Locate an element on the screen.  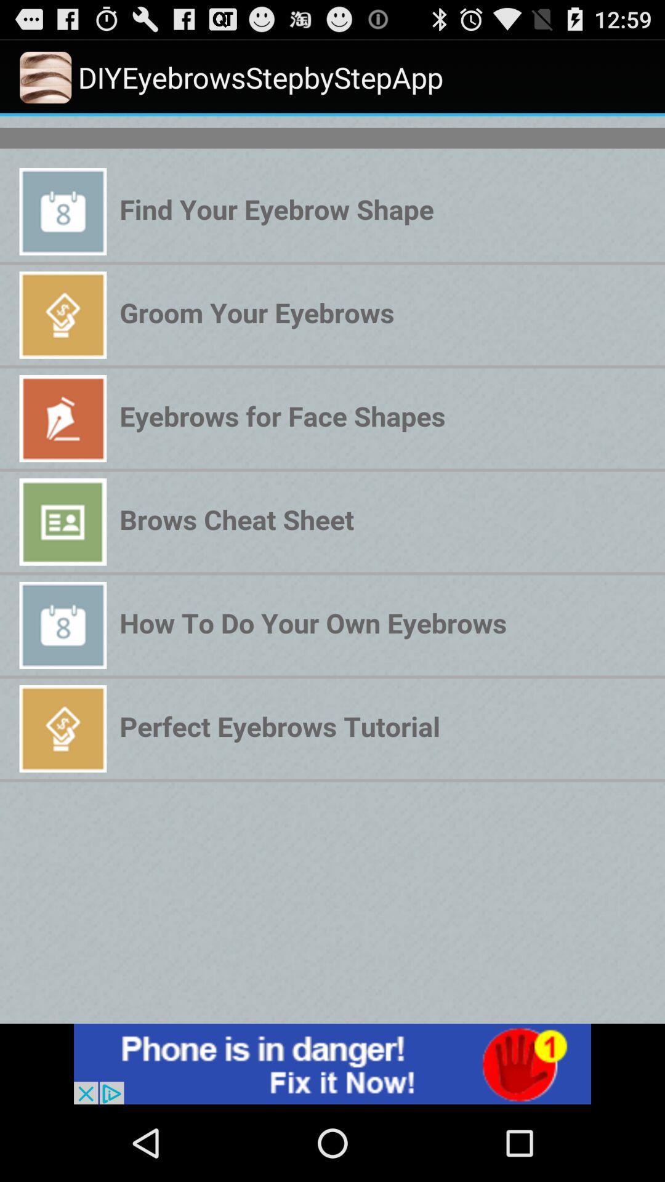
open advertisement is located at coordinates (332, 1063).